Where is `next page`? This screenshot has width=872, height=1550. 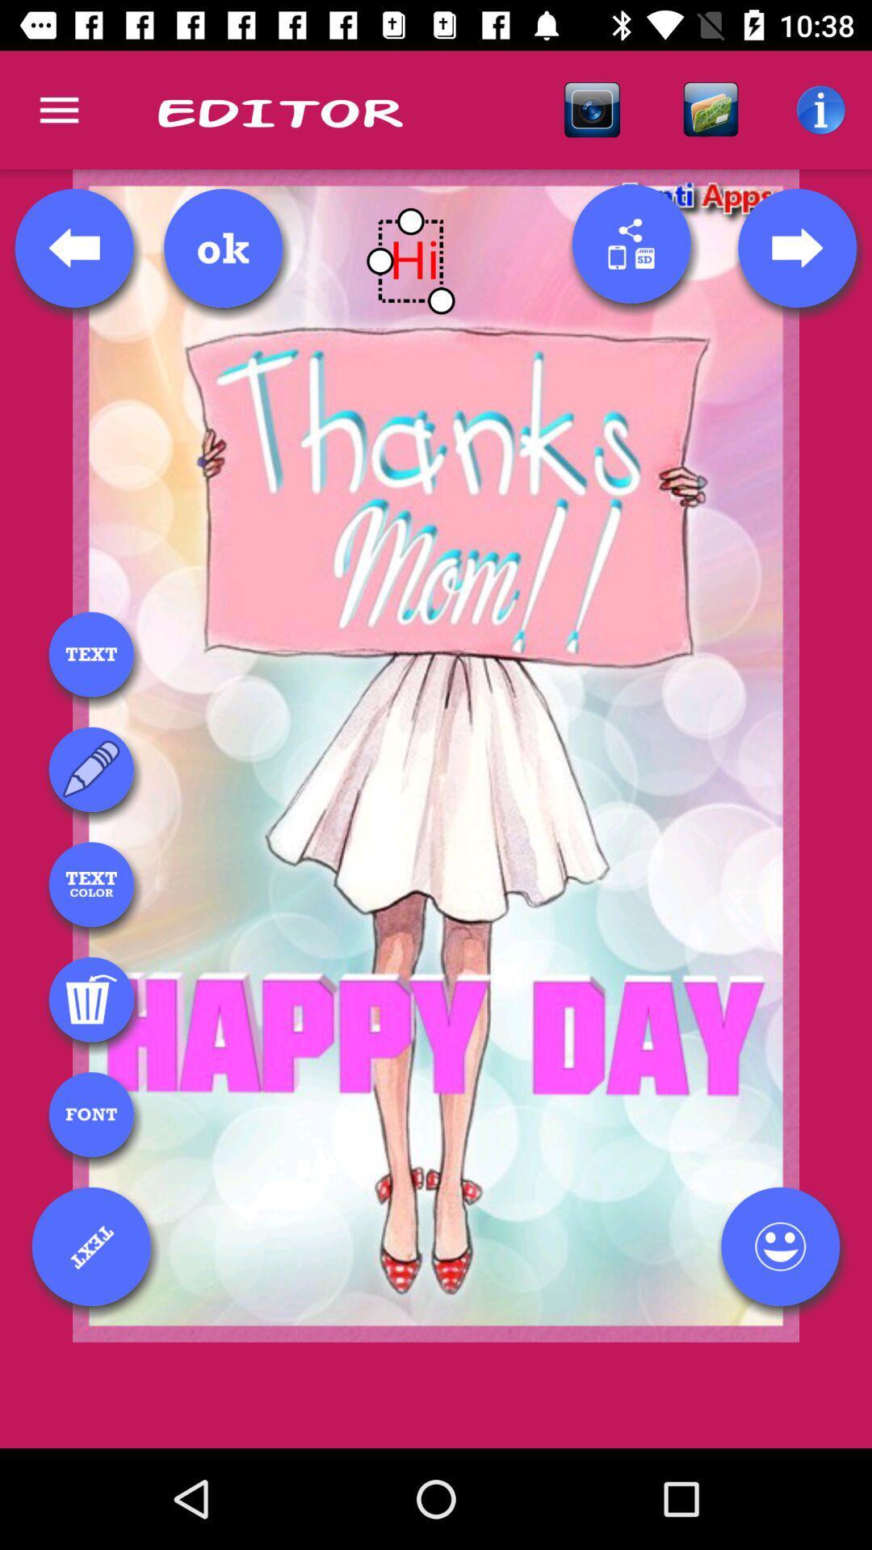 next page is located at coordinates (796, 247).